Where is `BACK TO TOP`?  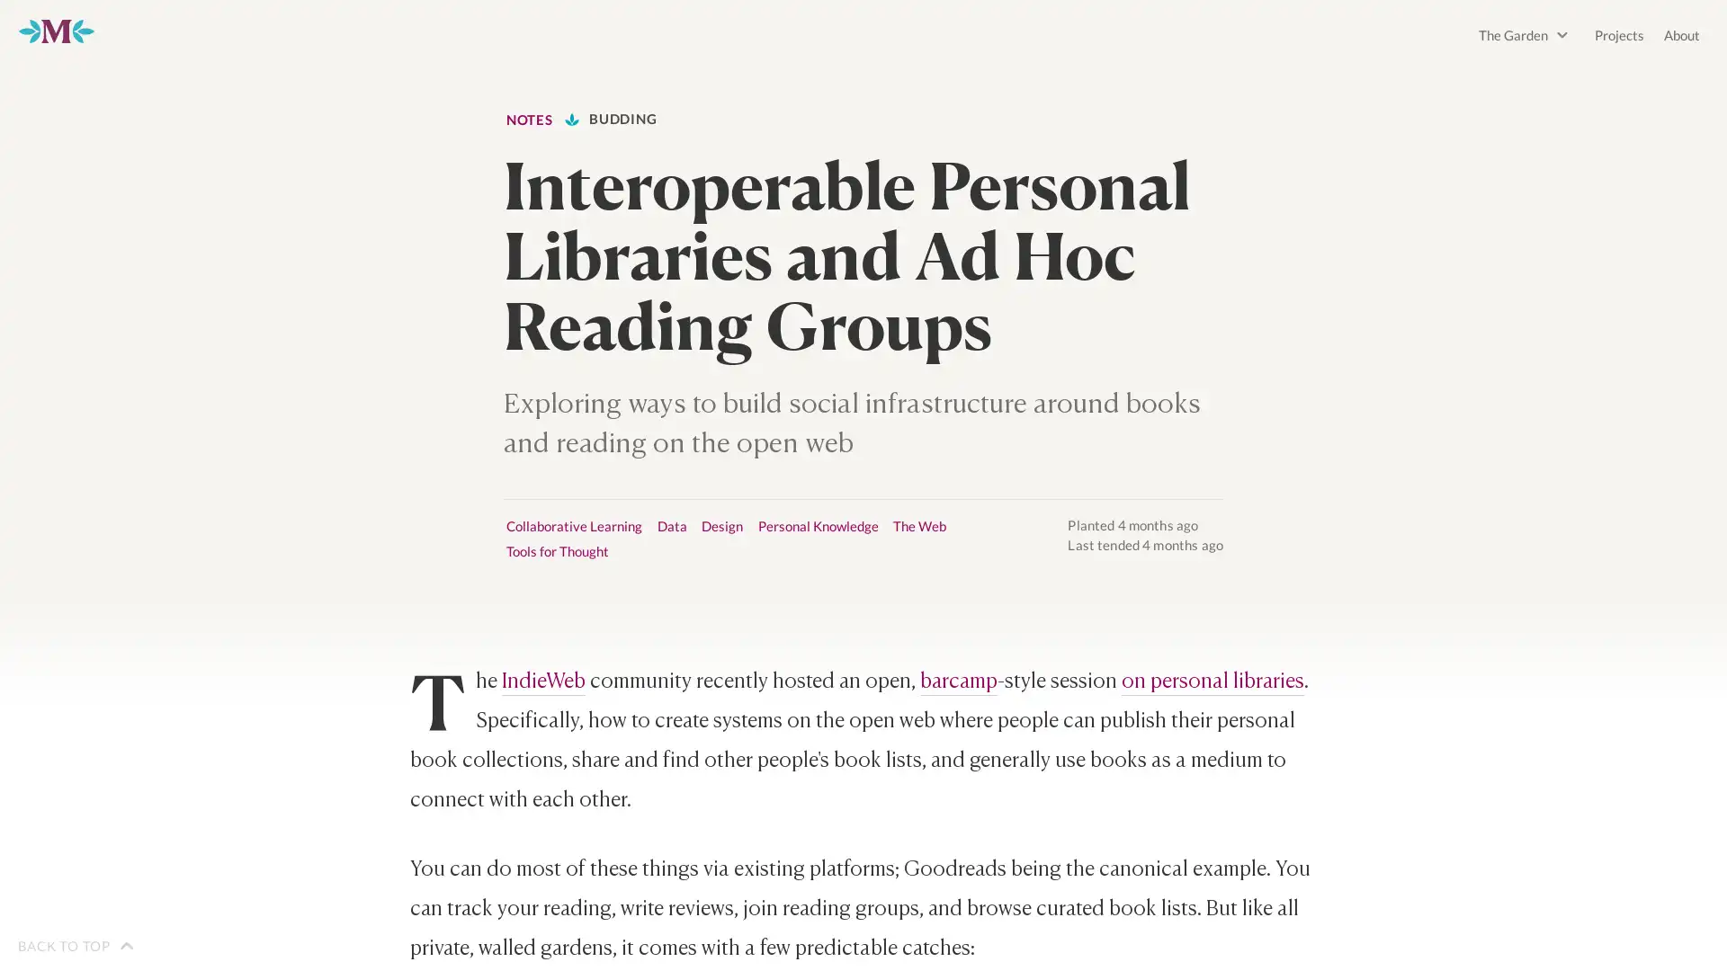
BACK TO TOP is located at coordinates (74, 945).